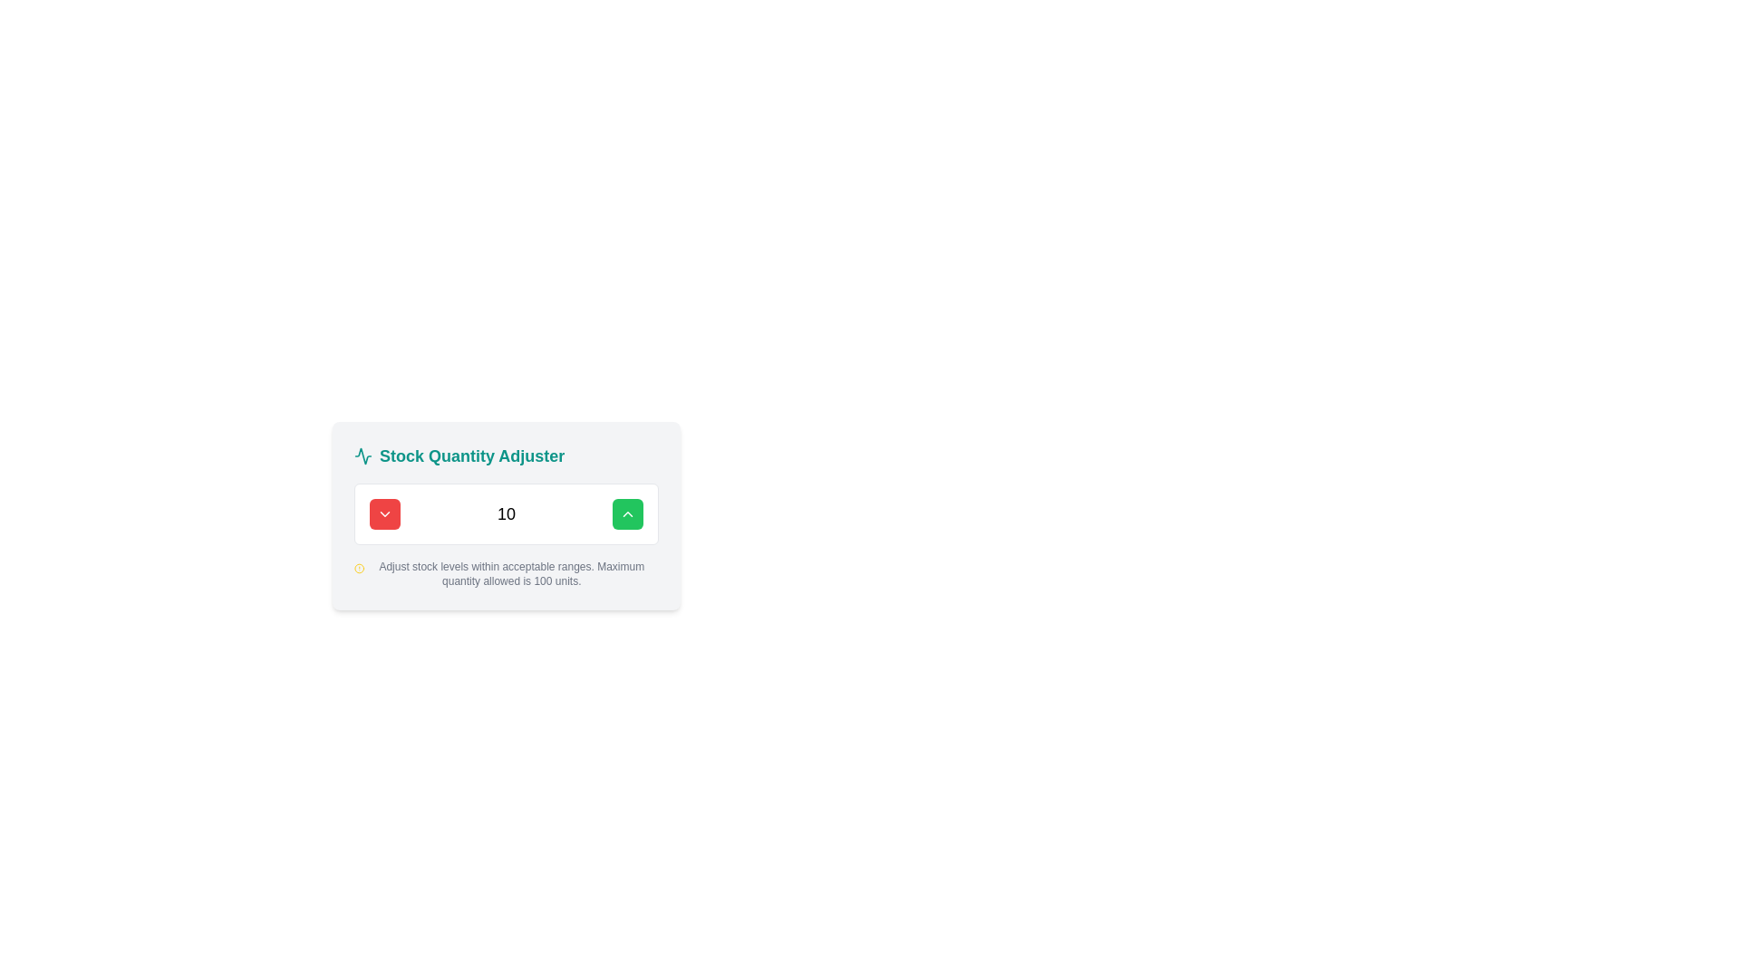 The image size is (1740, 978). I want to click on inside the rectangular text input field that displays the numerical value '10' in black bold font to focus and edit the content, so click(506, 513).